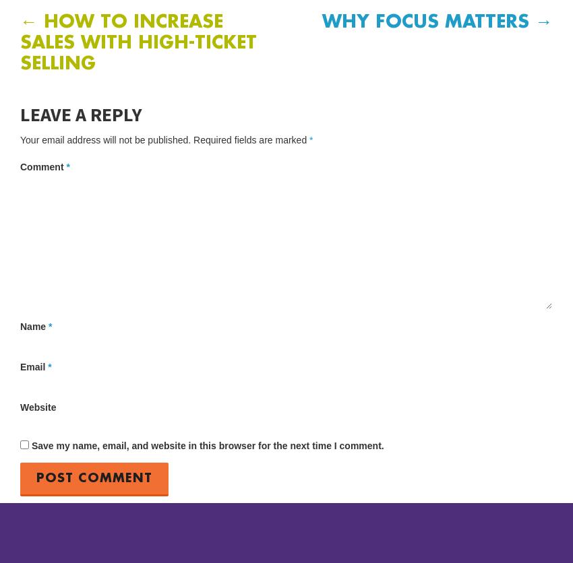 The width and height of the screenshot is (573, 563). What do you see at coordinates (105, 138) in the screenshot?
I see `'Your email address will not be published.'` at bounding box center [105, 138].